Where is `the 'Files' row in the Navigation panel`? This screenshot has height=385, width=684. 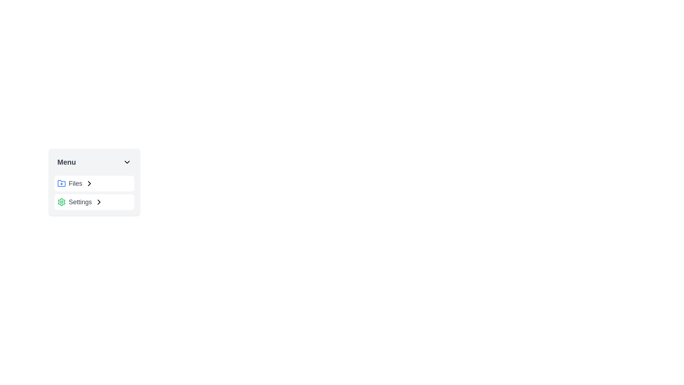 the 'Files' row in the Navigation panel is located at coordinates (94, 181).